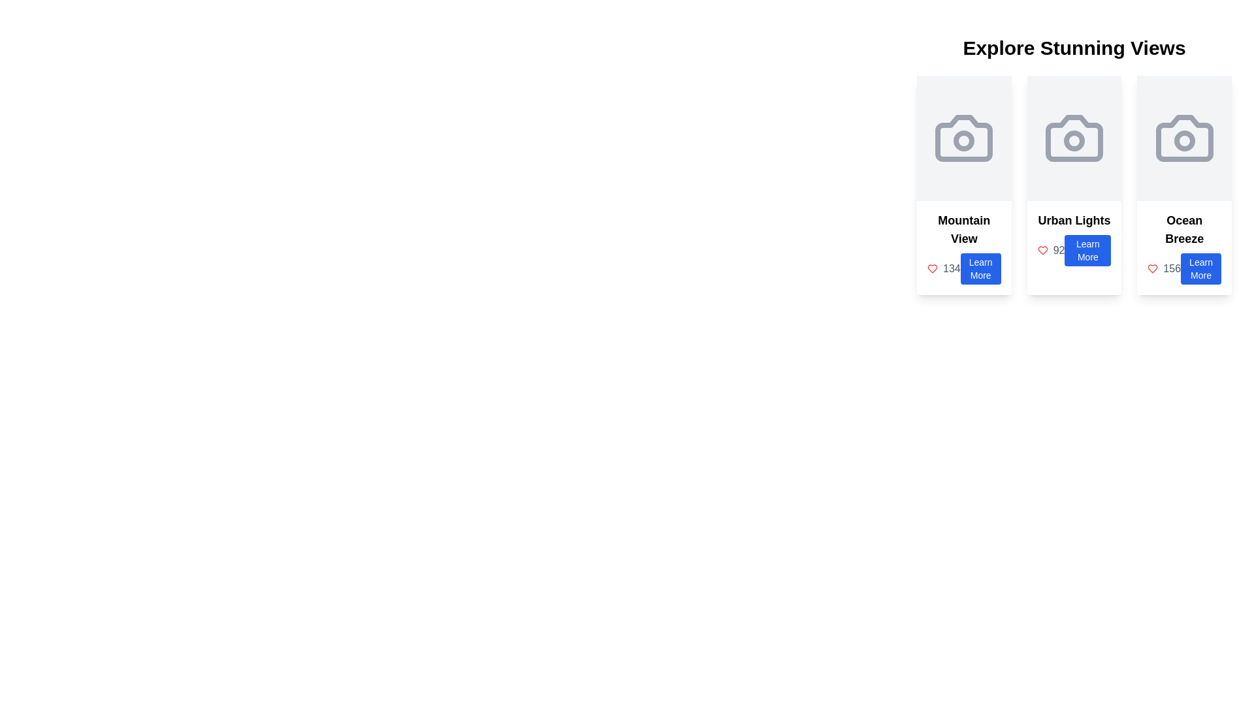 This screenshot has width=1254, height=705. What do you see at coordinates (964, 141) in the screenshot?
I see `the Circle (SVG Element) that is centrally positioned within the camera icon of the first card titled 'Mountain View'` at bounding box center [964, 141].